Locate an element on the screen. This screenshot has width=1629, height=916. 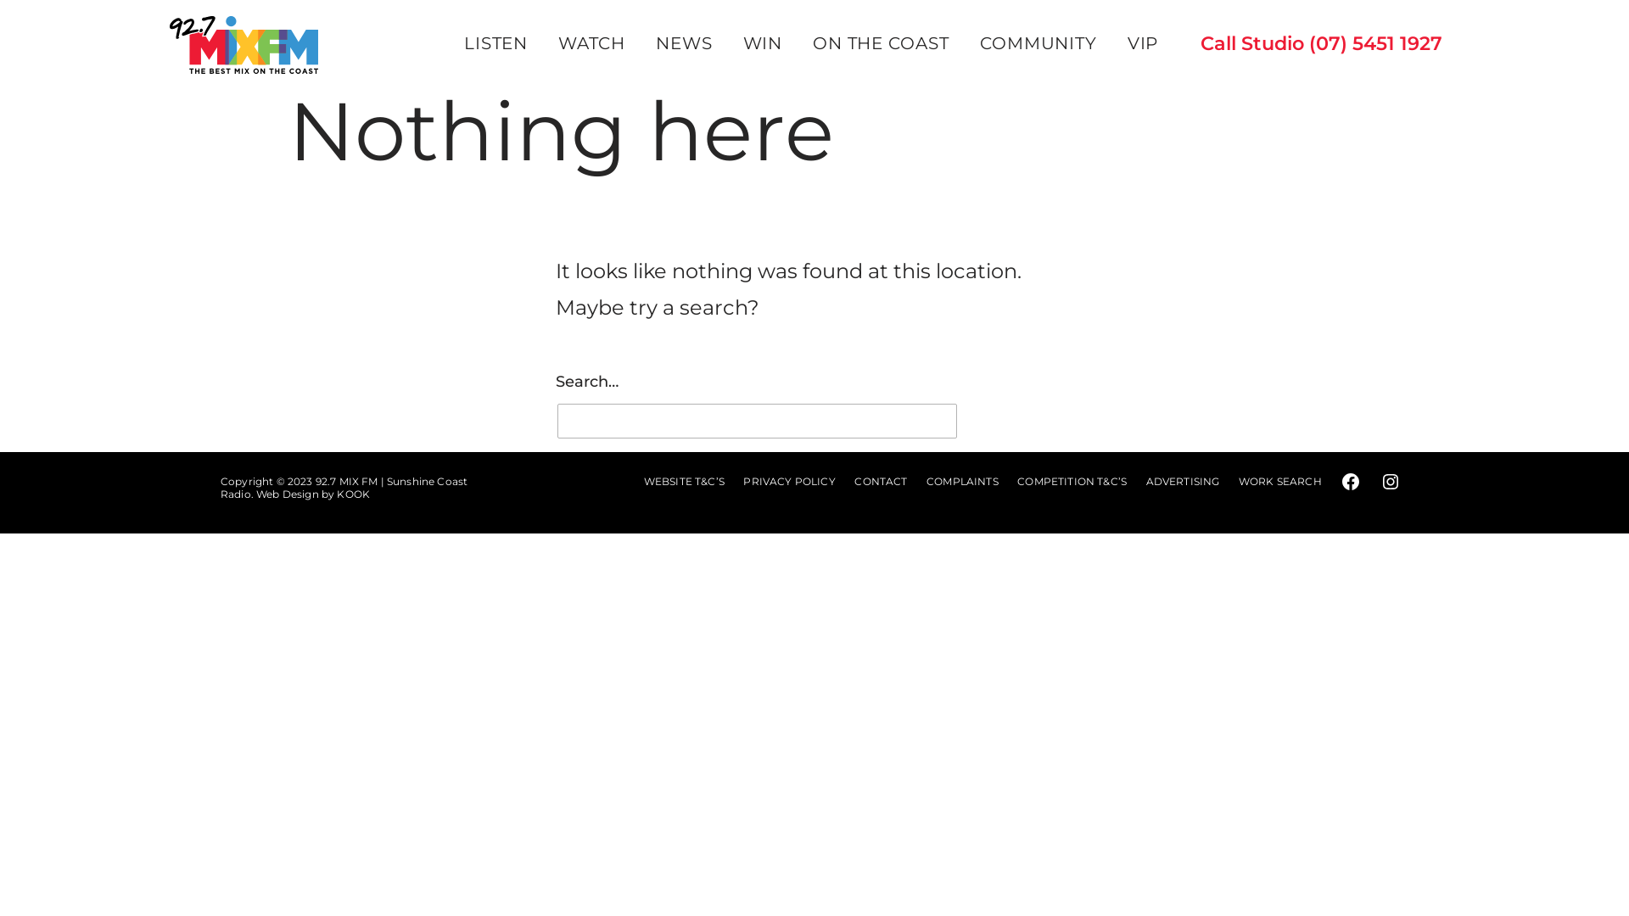
'Connect with us on Facebook' is located at coordinates (1350, 481).